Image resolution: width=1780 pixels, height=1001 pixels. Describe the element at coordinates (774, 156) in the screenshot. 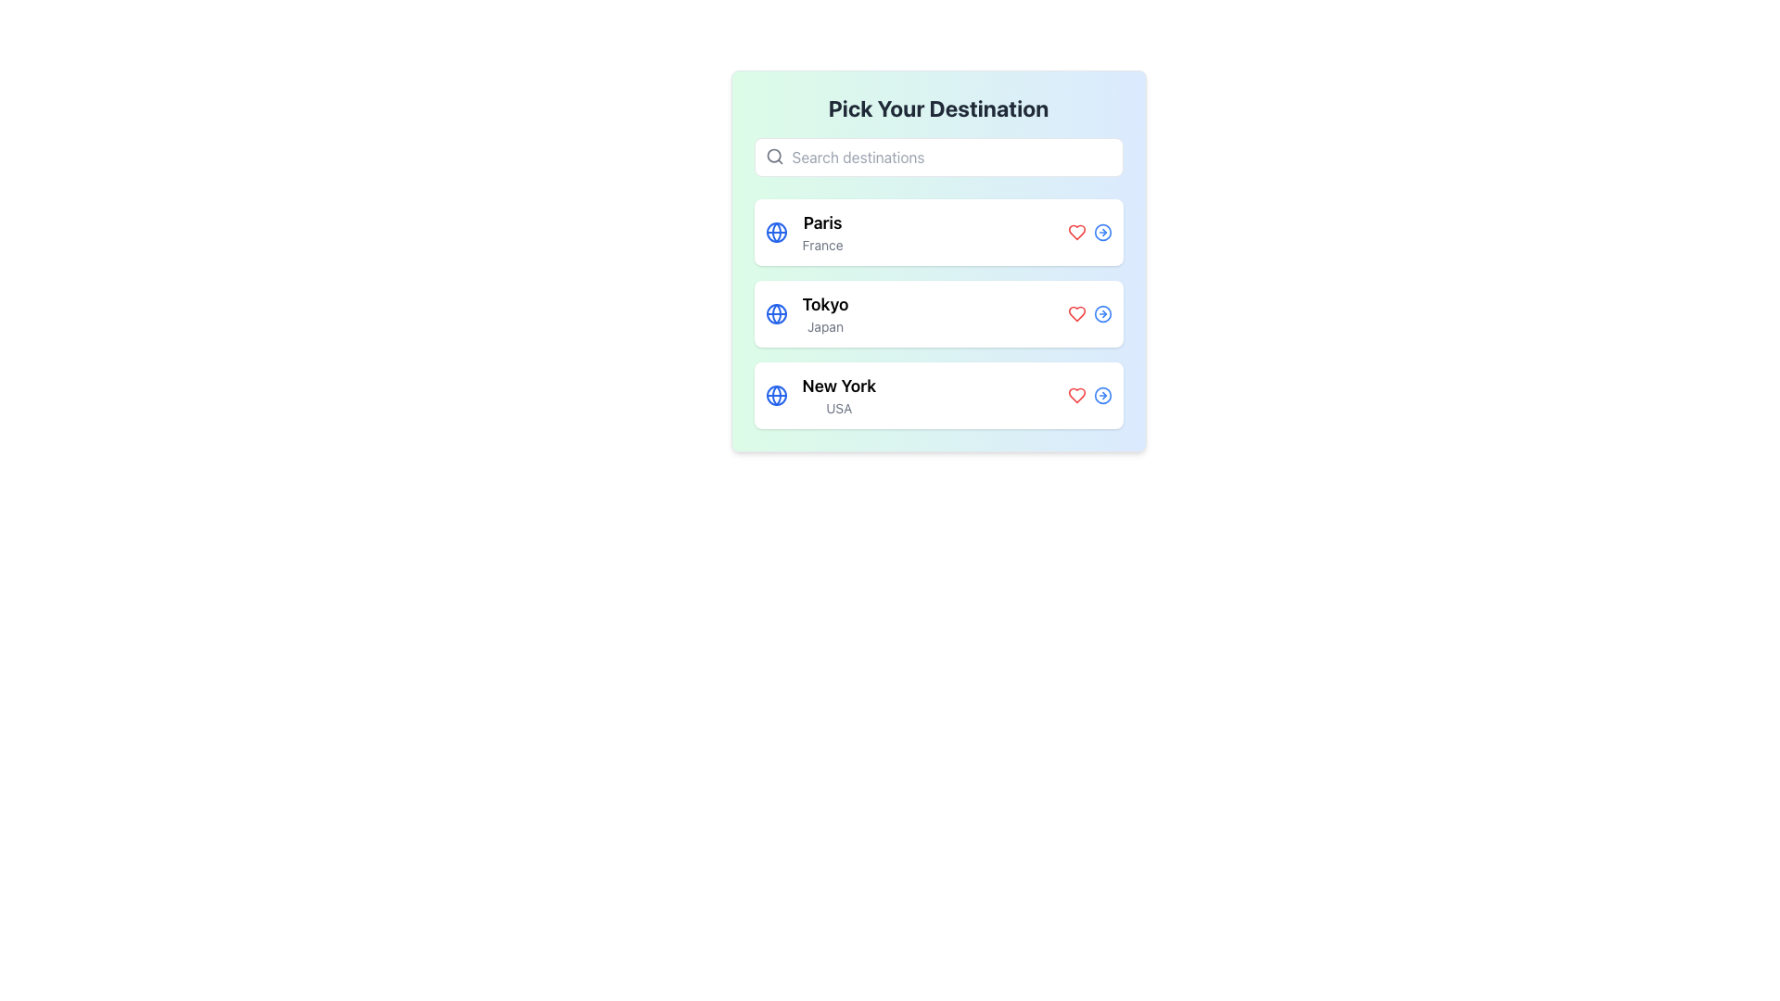

I see `the magnifying glass icon located at the far left of the search bar` at that location.